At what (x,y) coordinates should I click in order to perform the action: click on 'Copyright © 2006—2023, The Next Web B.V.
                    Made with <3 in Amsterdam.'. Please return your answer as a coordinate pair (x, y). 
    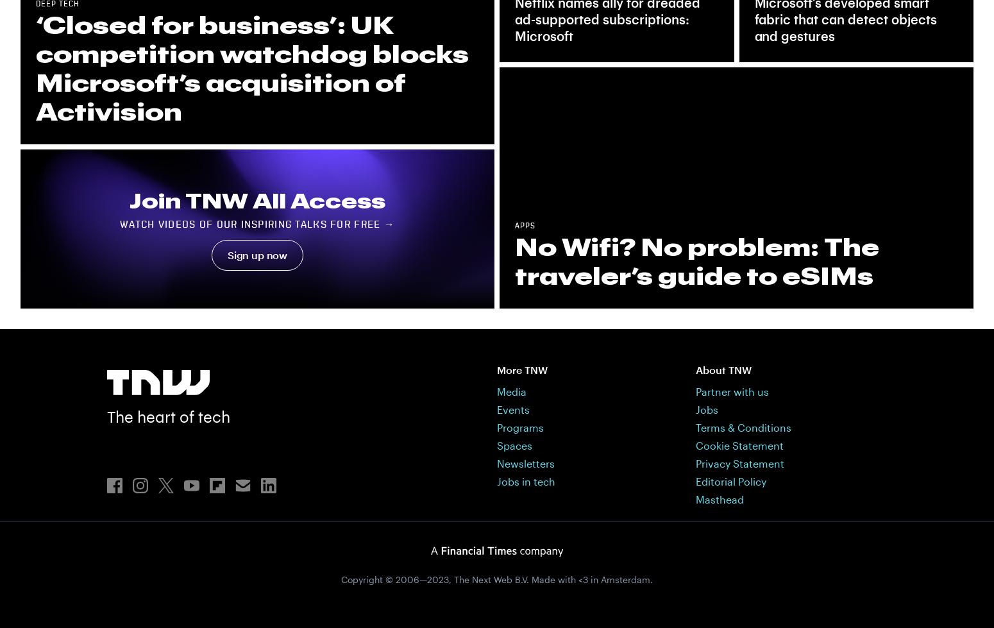
    Looking at the image, I should click on (340, 579).